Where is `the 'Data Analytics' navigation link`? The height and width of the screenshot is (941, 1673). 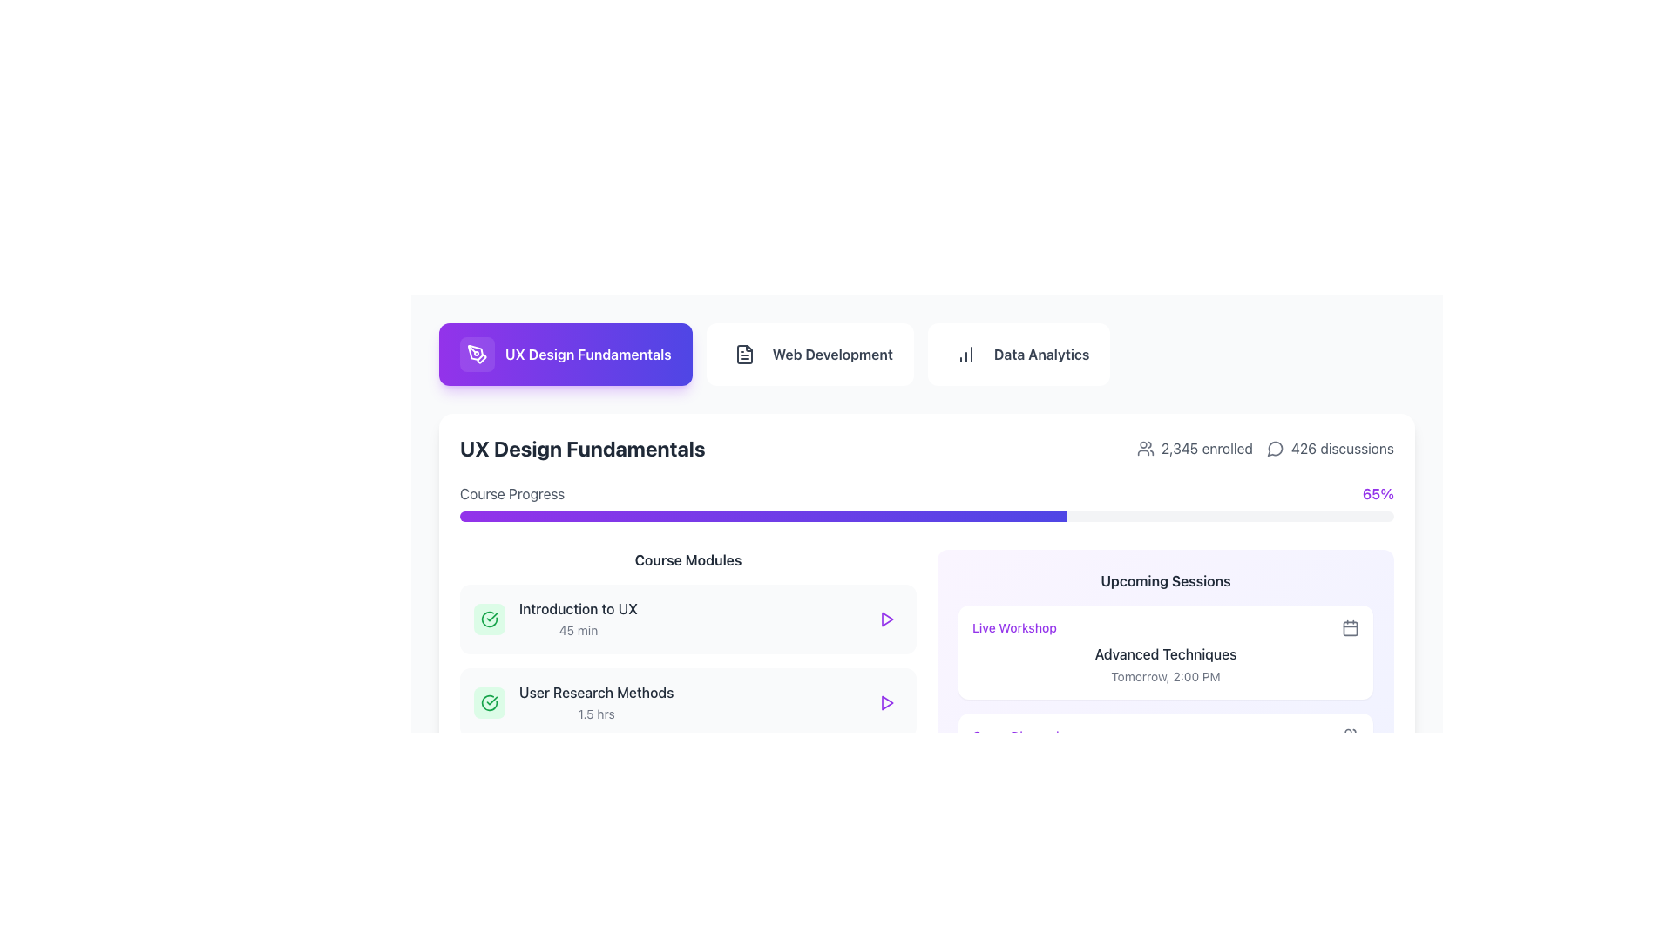
the 'Data Analytics' navigation link is located at coordinates (1041, 354).